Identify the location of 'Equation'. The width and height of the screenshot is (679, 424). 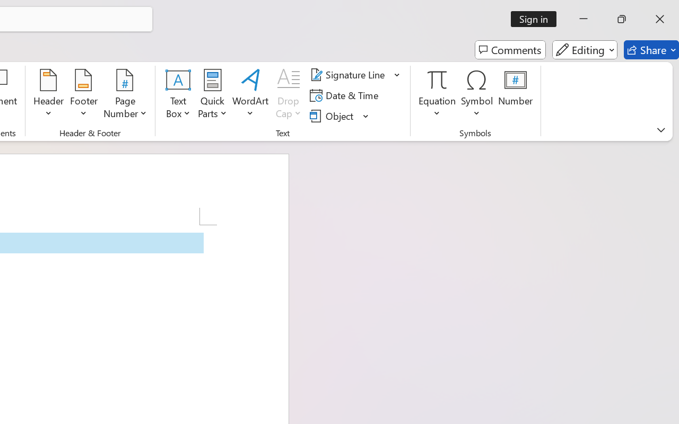
(437, 95).